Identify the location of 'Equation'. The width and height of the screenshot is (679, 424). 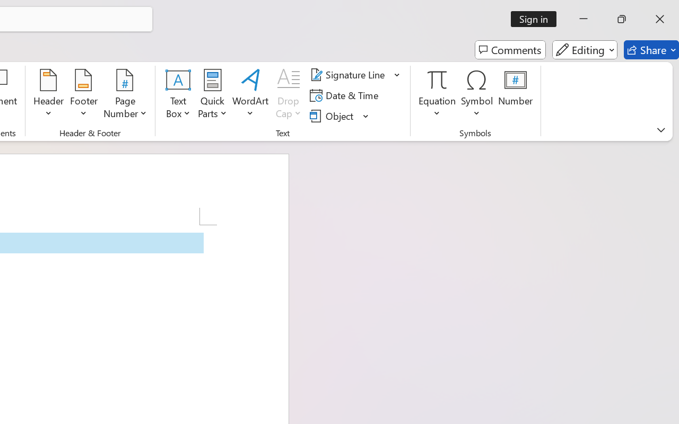
(437, 95).